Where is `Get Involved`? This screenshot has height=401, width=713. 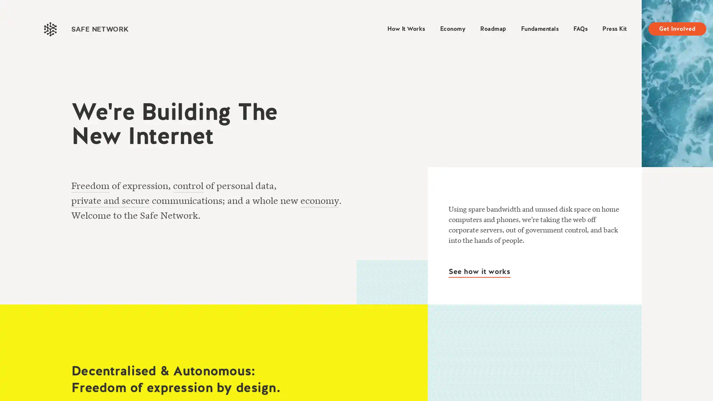
Get Involved is located at coordinates (677, 28).